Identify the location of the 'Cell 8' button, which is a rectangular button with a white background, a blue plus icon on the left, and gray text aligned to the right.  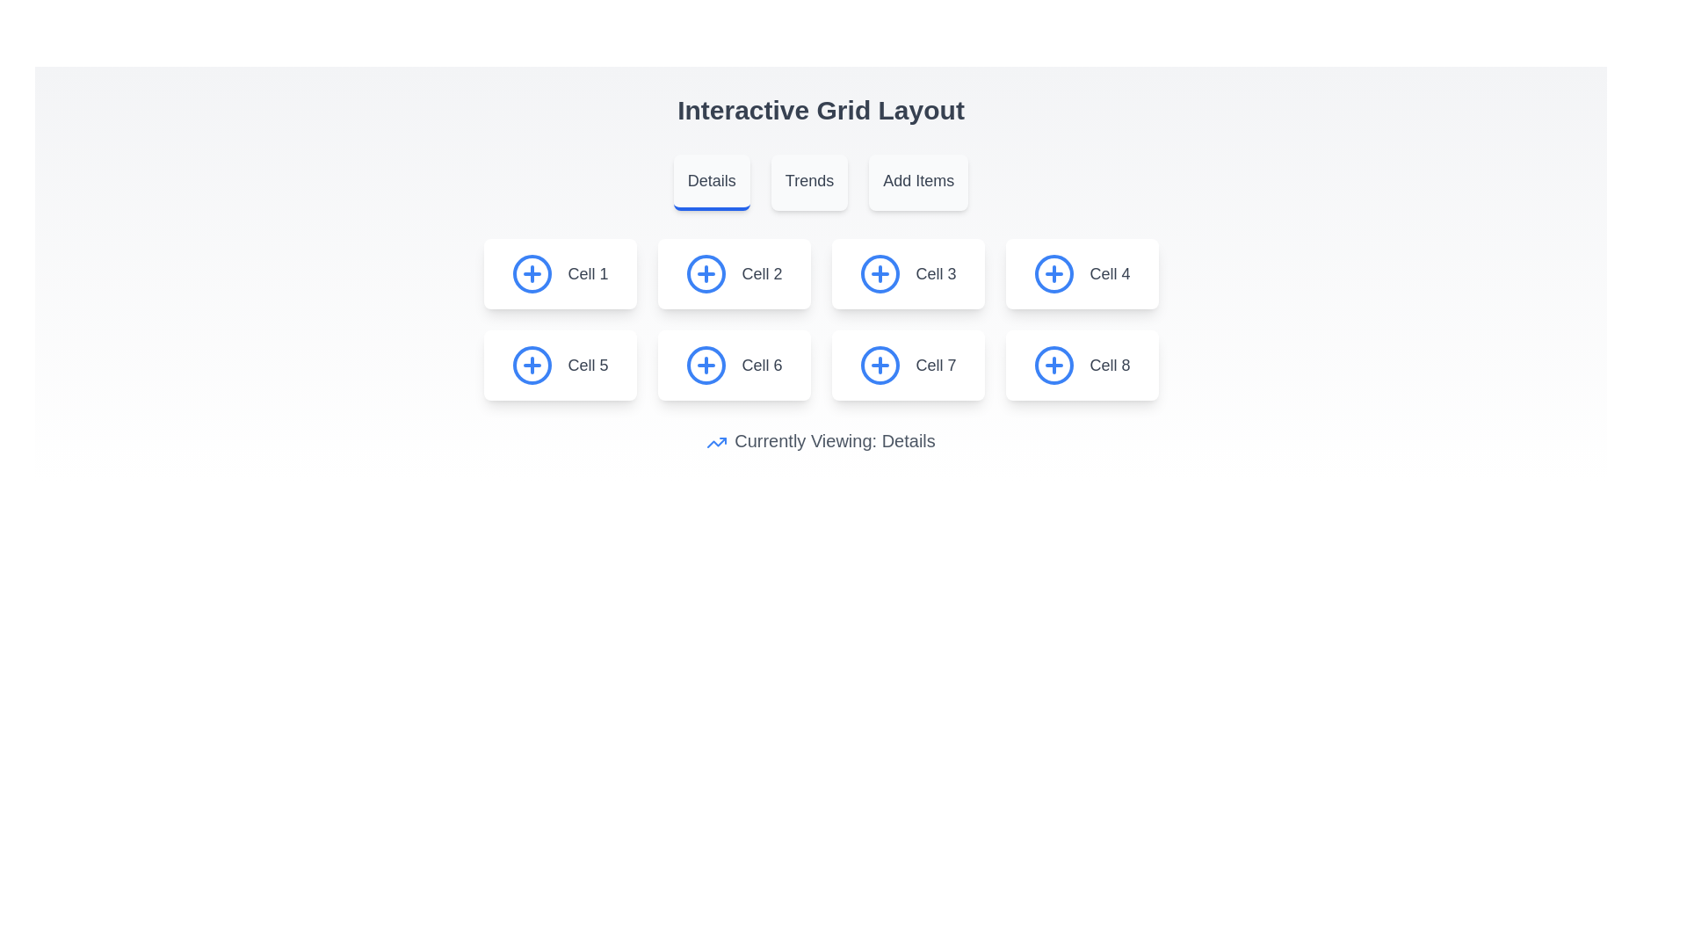
(1081, 365).